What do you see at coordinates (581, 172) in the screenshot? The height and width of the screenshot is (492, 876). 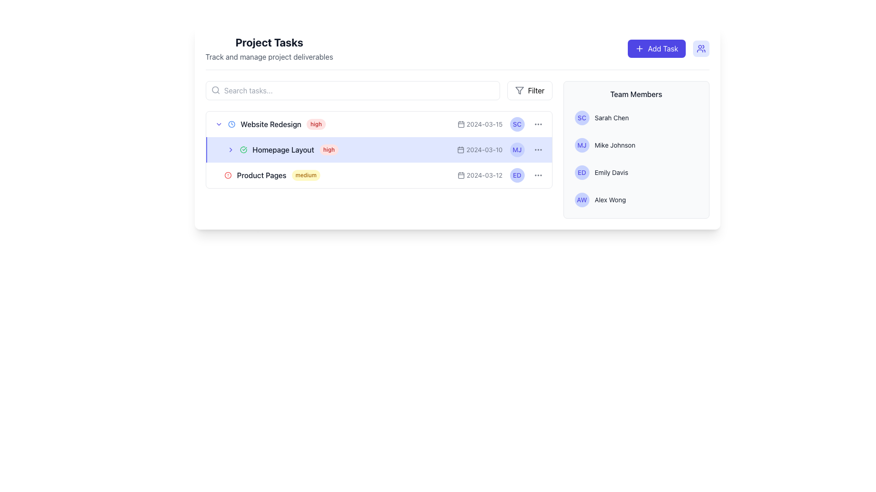 I see `the profile badge representing 'Emily Davis', located` at bounding box center [581, 172].